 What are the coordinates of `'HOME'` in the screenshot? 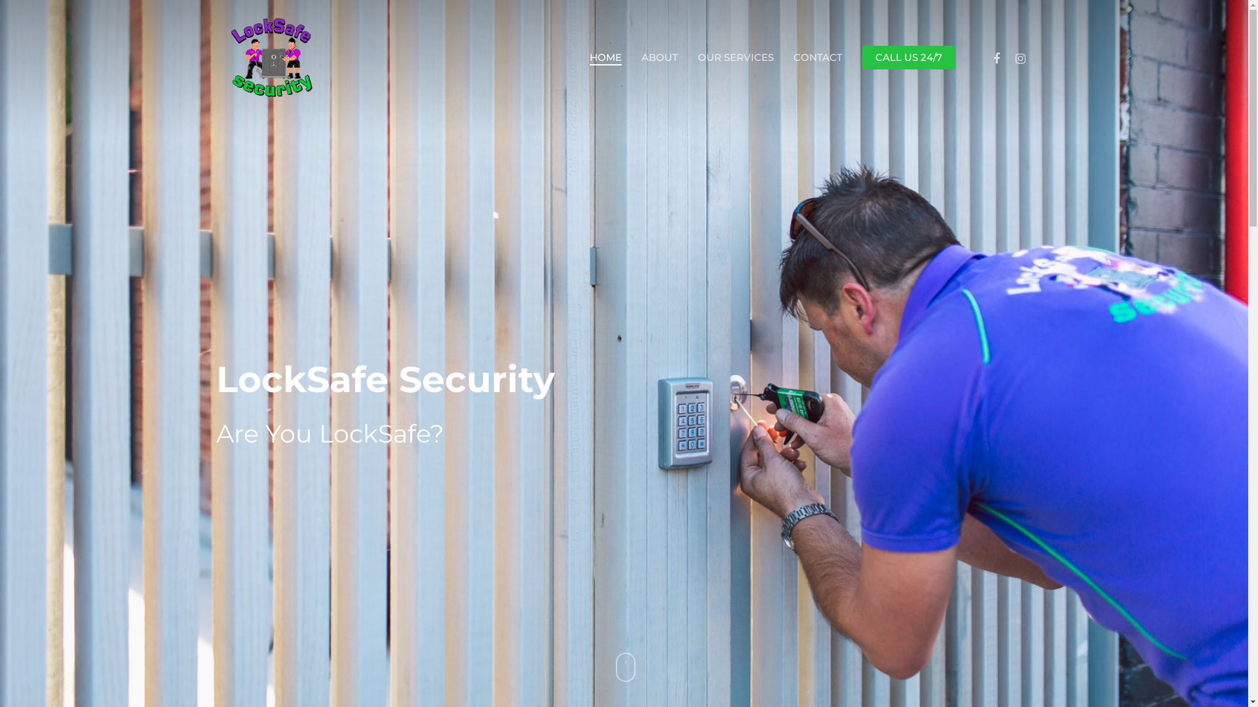 It's located at (605, 57).